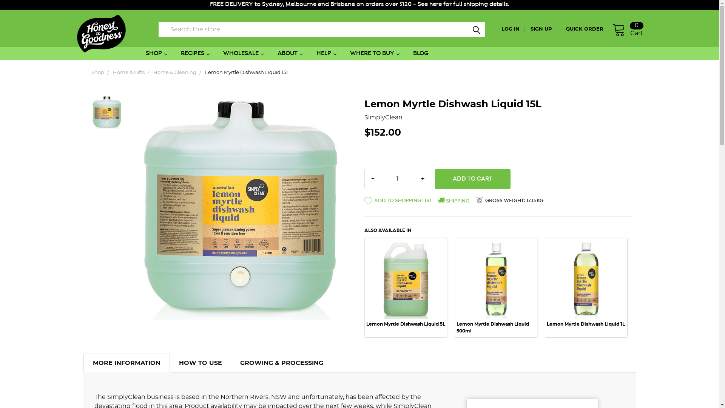  I want to click on 'Home & Cleaning', so click(174, 73).